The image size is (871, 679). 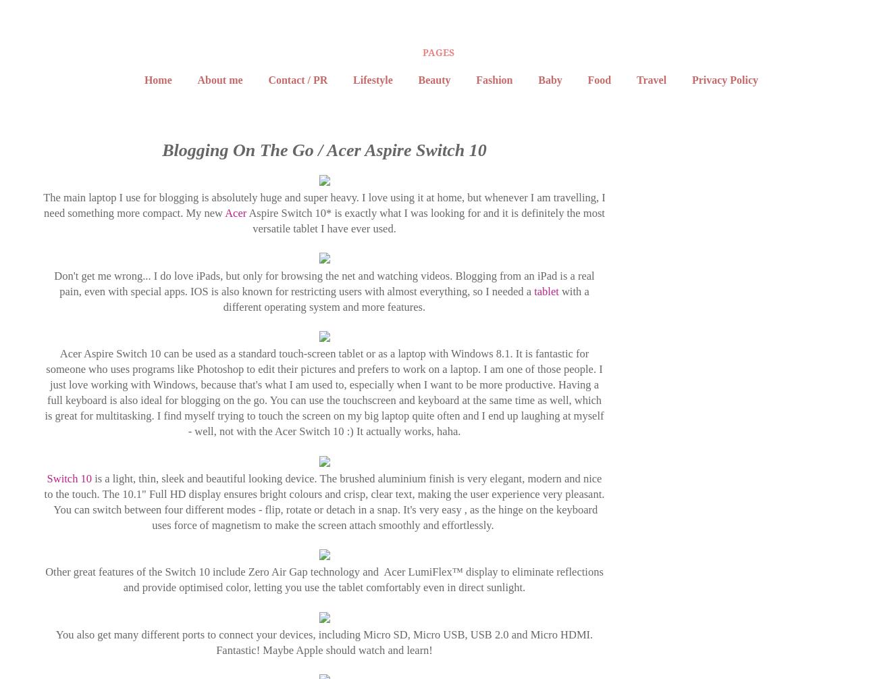 What do you see at coordinates (44, 578) in the screenshot?
I see `'Other great features of the Switch 10 include Zero Air Gap technology and  Acer LumiFlex™ display to eliminate reflections and provide optimised color, letting you use the tablet comfortably even in direct sunlight.'` at bounding box center [44, 578].